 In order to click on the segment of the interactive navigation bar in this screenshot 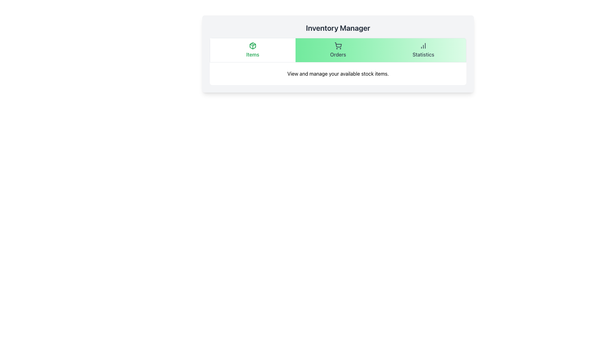, I will do `click(338, 50)`.